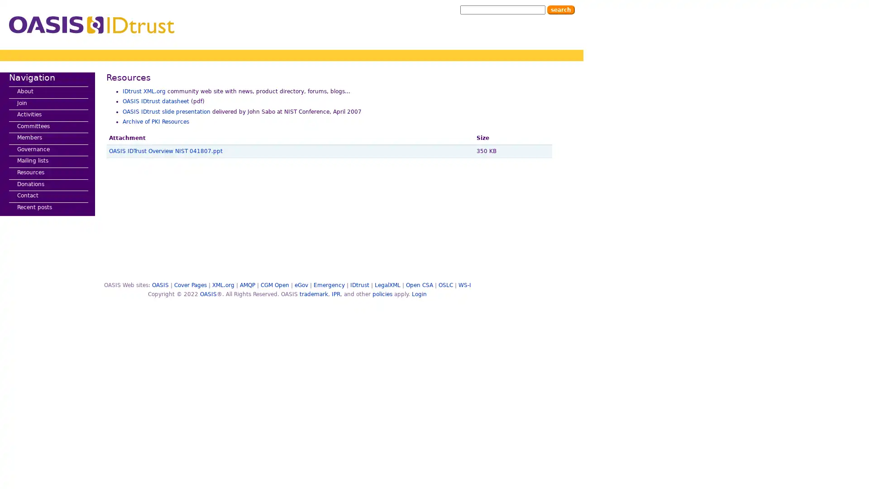 The height and width of the screenshot is (489, 869). Describe the element at coordinates (560, 10) in the screenshot. I see `Search` at that location.